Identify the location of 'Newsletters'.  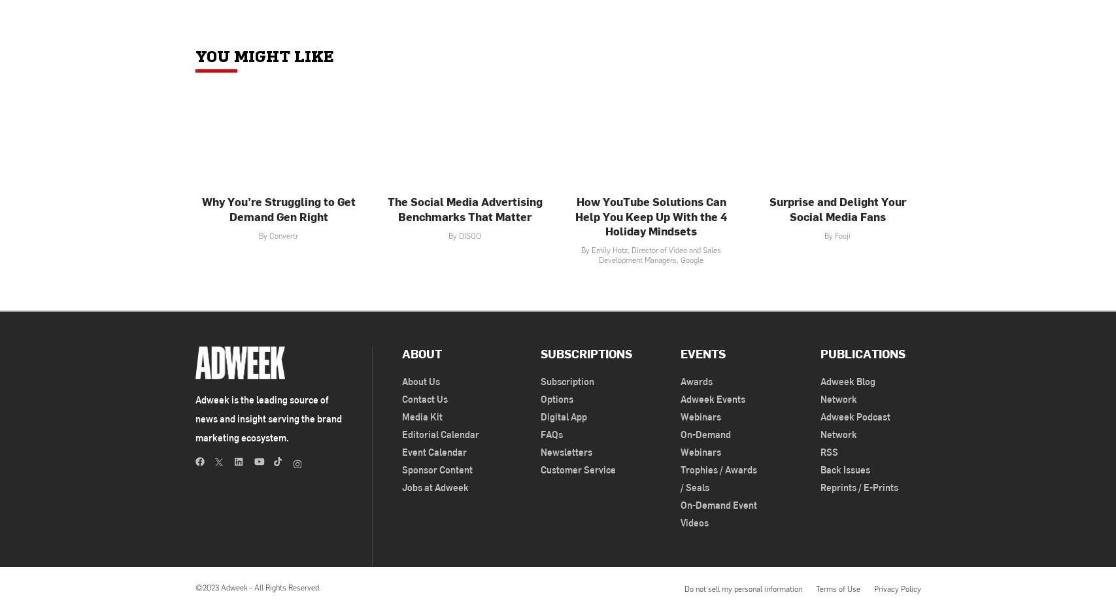
(566, 451).